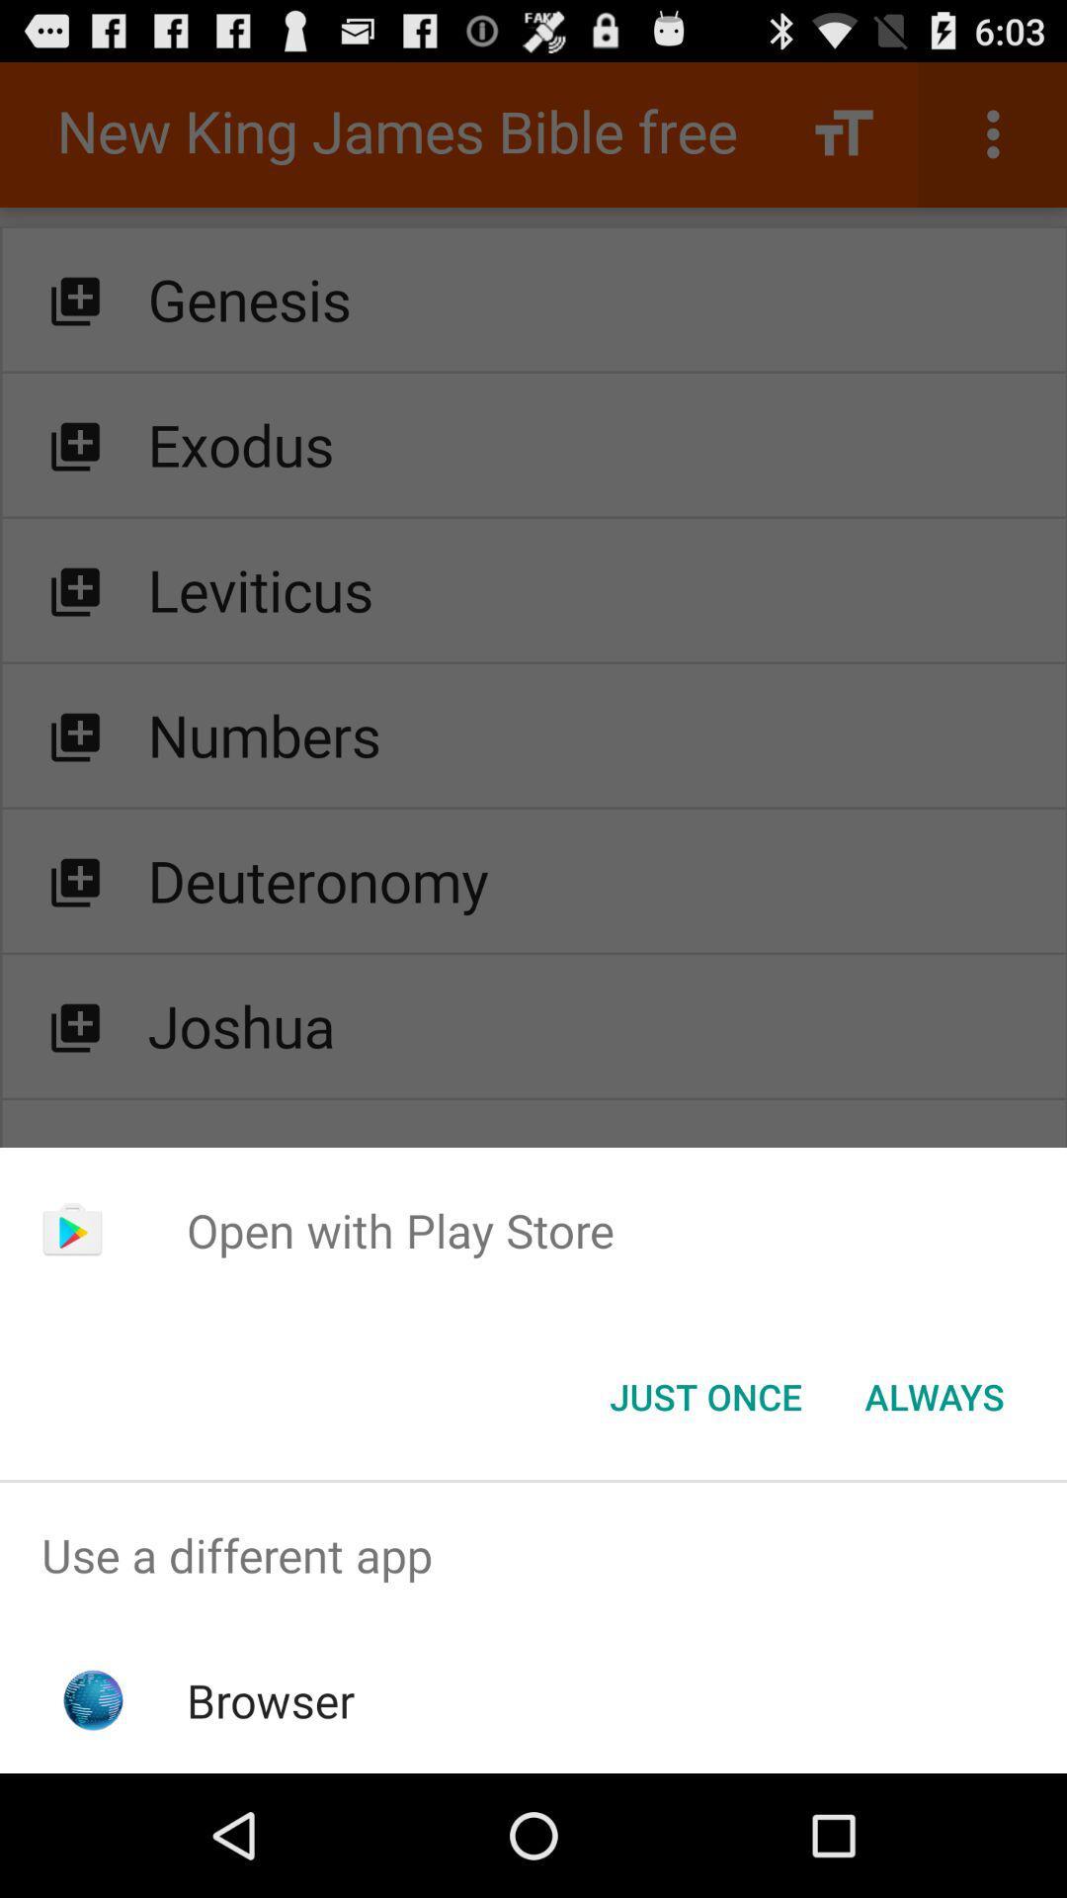 The height and width of the screenshot is (1898, 1067). Describe the element at coordinates (934, 1395) in the screenshot. I see `button to the right of just once` at that location.